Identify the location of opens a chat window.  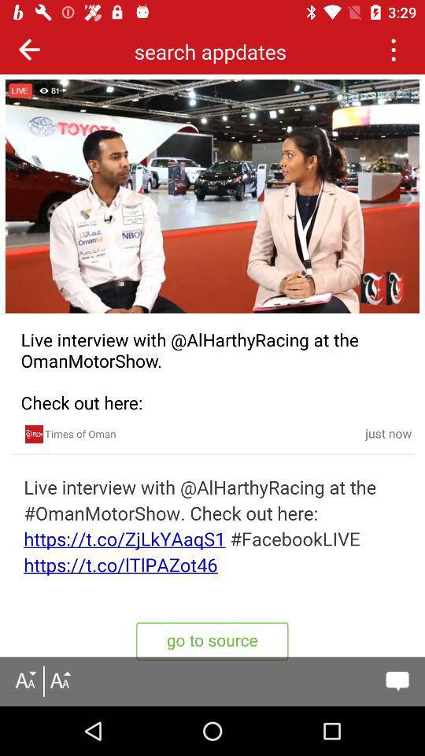
(397, 680).